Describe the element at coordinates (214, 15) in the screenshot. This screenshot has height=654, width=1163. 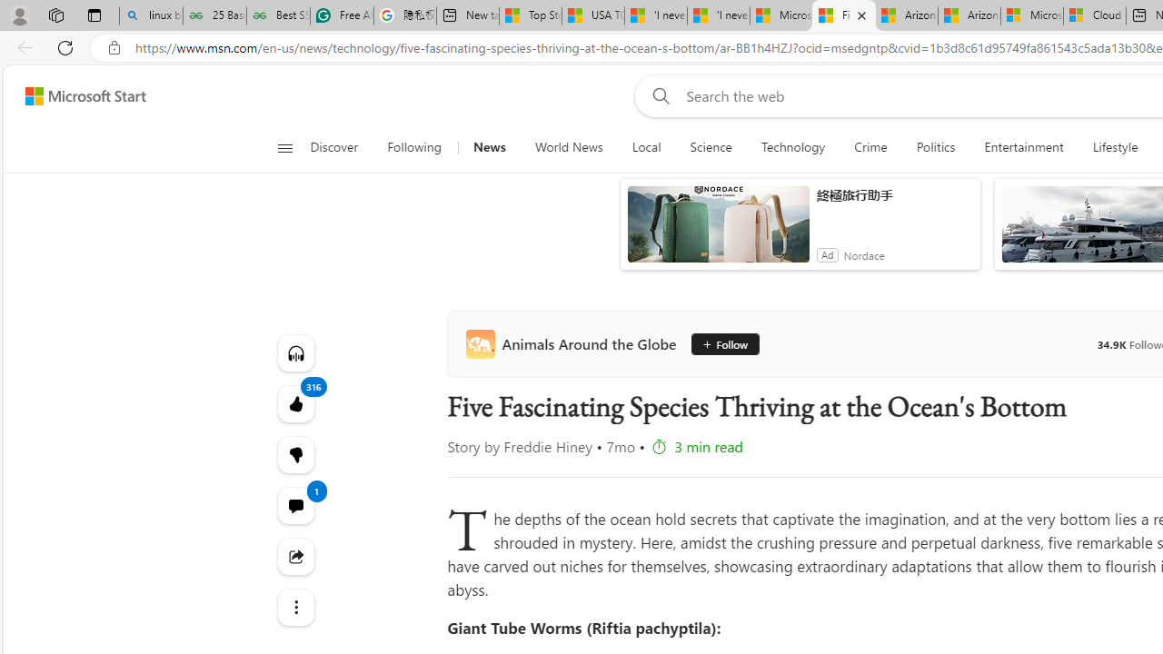
I see `'25 Basic Linux Commands For Beginners - GeeksforGeeks'` at that location.